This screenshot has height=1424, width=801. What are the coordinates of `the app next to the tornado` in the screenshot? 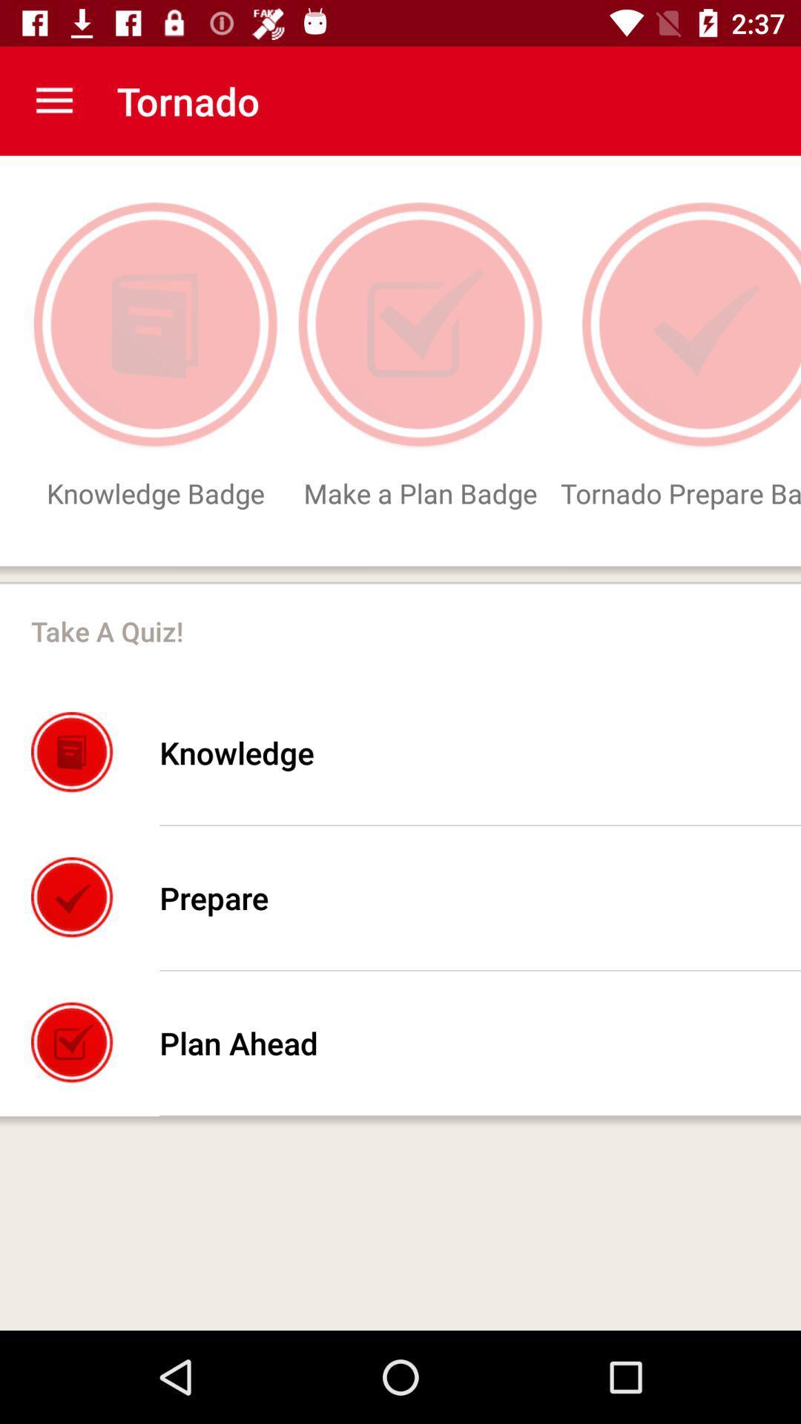 It's located at (53, 100).